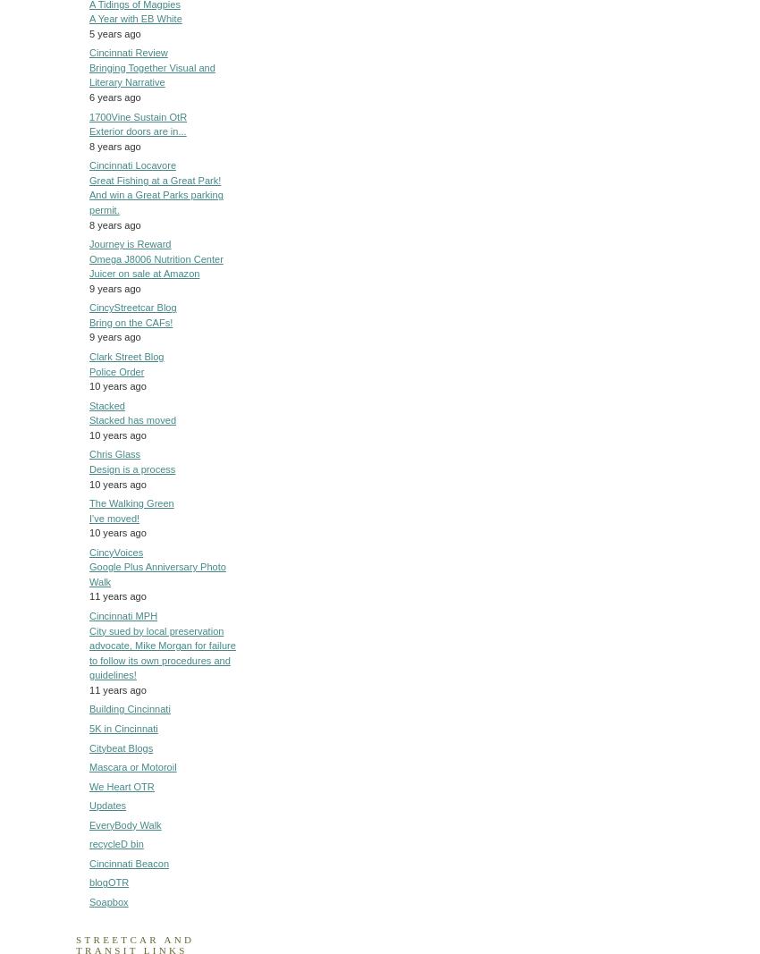 This screenshot has height=954, width=760. I want to click on 'Stacked', so click(106, 404).